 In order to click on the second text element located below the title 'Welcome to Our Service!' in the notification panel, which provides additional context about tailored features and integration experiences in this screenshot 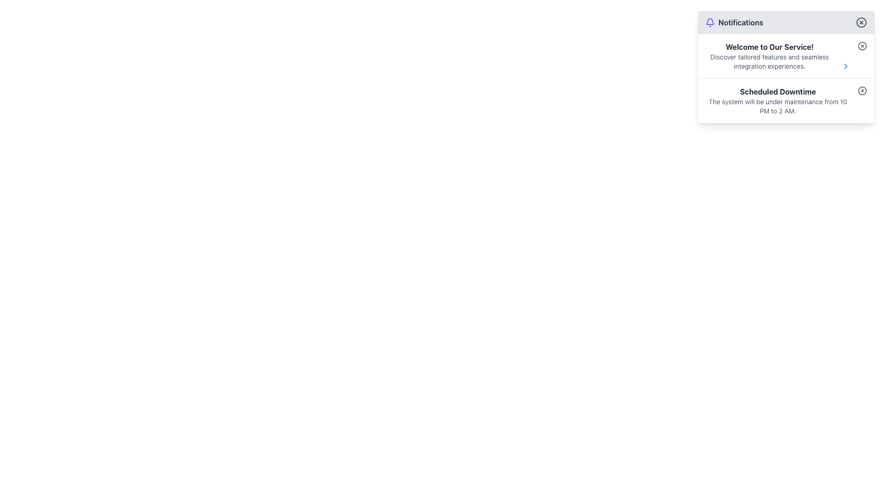, I will do `click(770, 62)`.